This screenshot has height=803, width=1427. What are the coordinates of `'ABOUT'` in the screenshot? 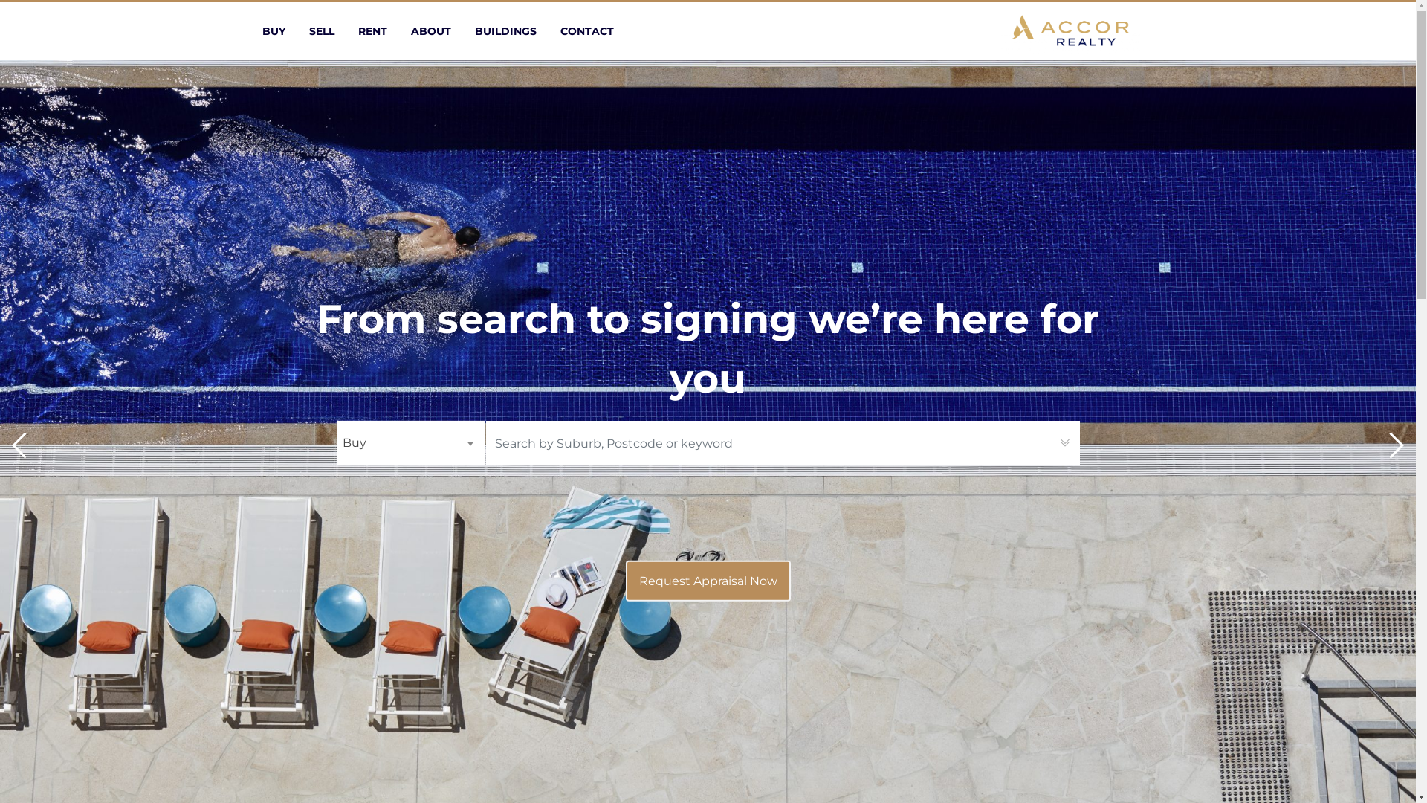 It's located at (430, 31).